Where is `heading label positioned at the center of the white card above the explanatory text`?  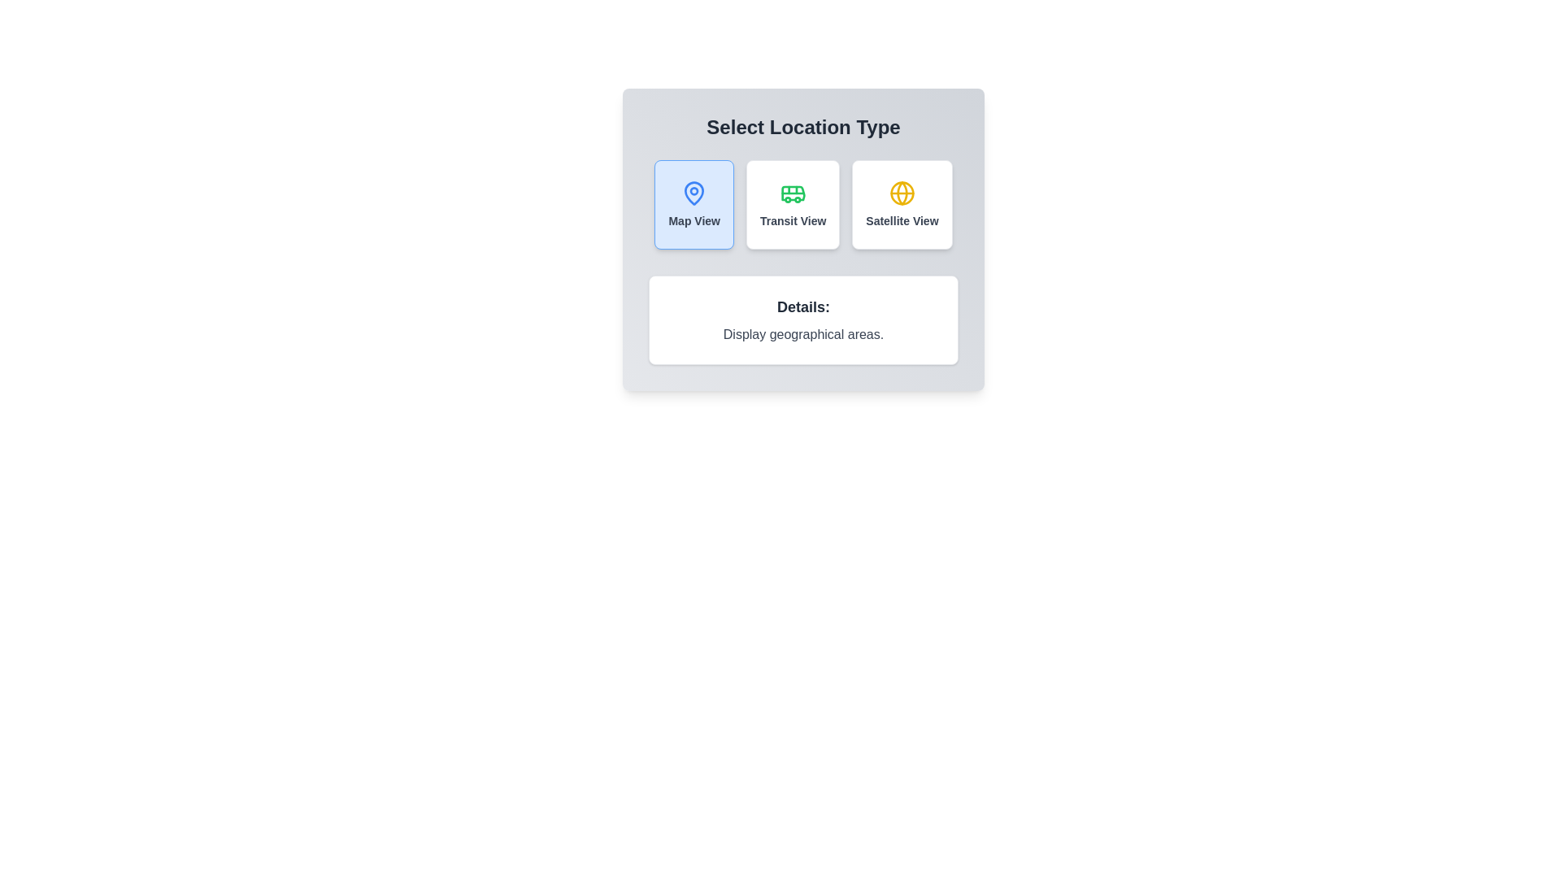
heading label positioned at the center of the white card above the explanatory text is located at coordinates (803, 307).